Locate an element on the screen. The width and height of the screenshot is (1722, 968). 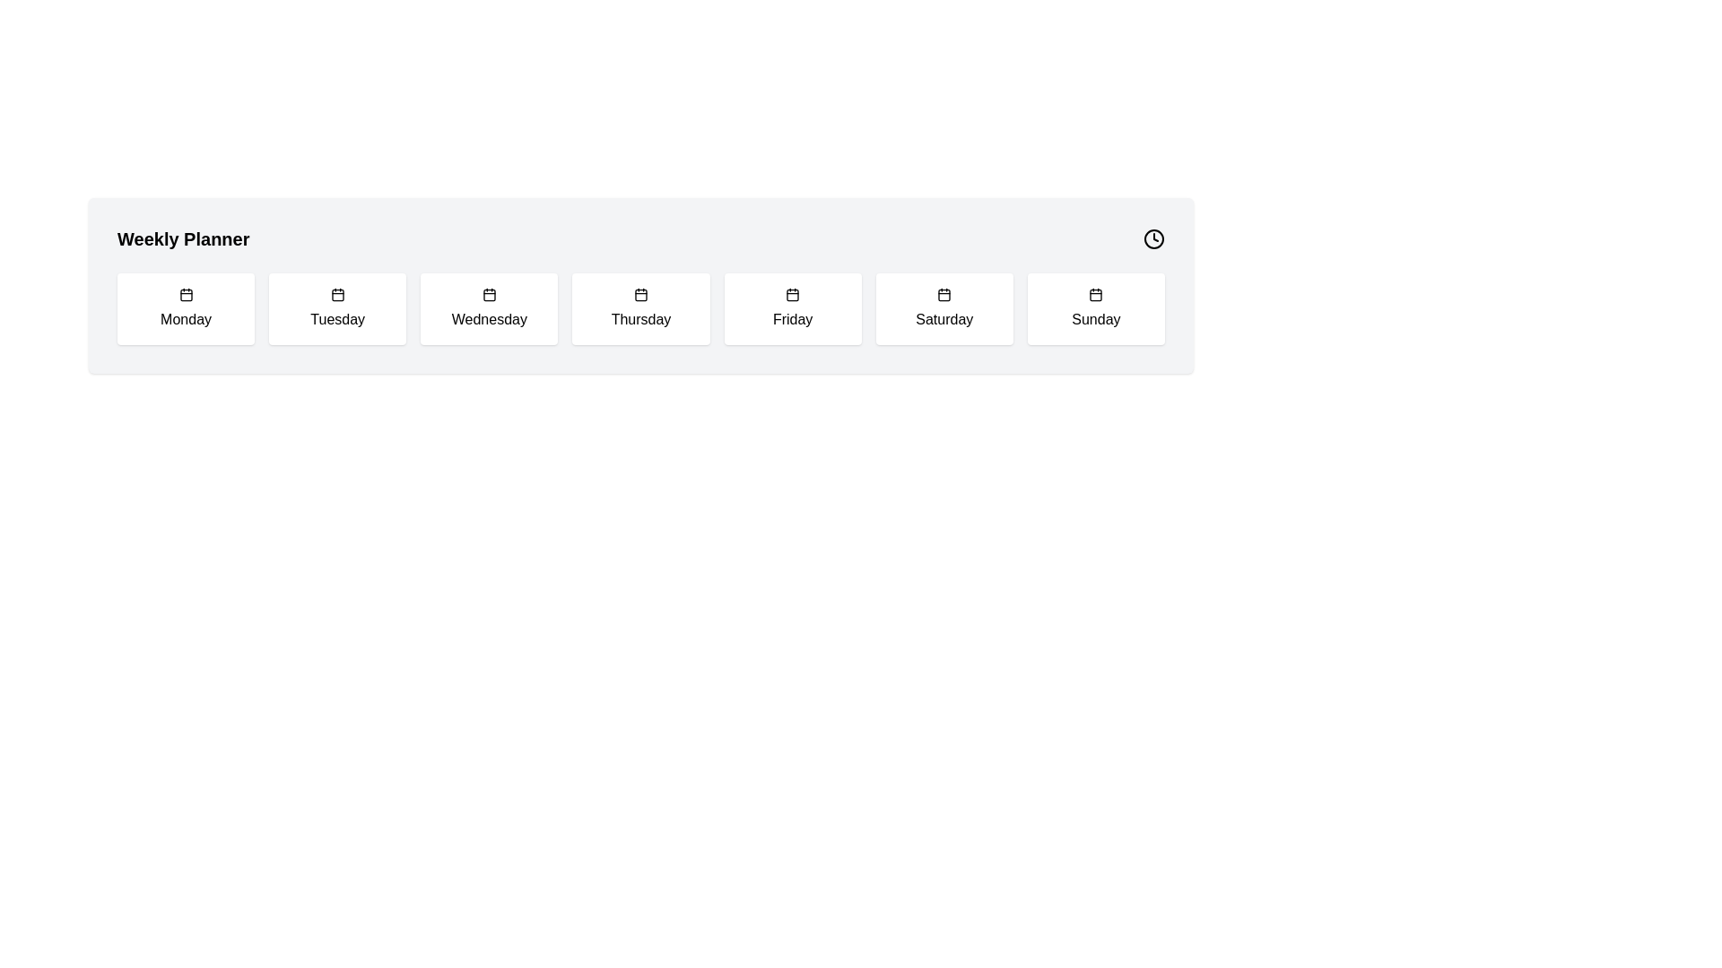
the calendar icon located at the top center of the 'Monday' card in the Weekly Planner grid is located at coordinates (186, 293).